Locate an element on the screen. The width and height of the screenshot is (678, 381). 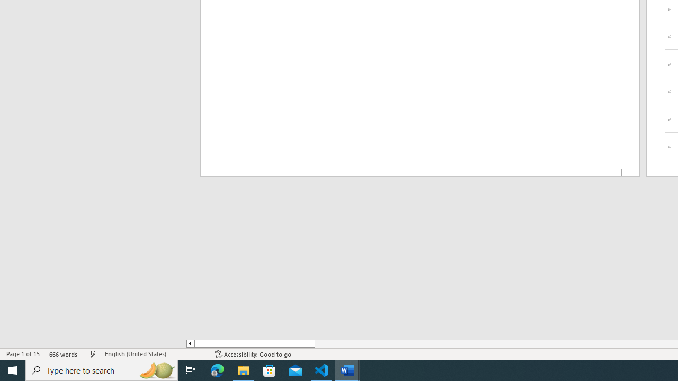
'Word Count 666 words' is located at coordinates (63, 354).